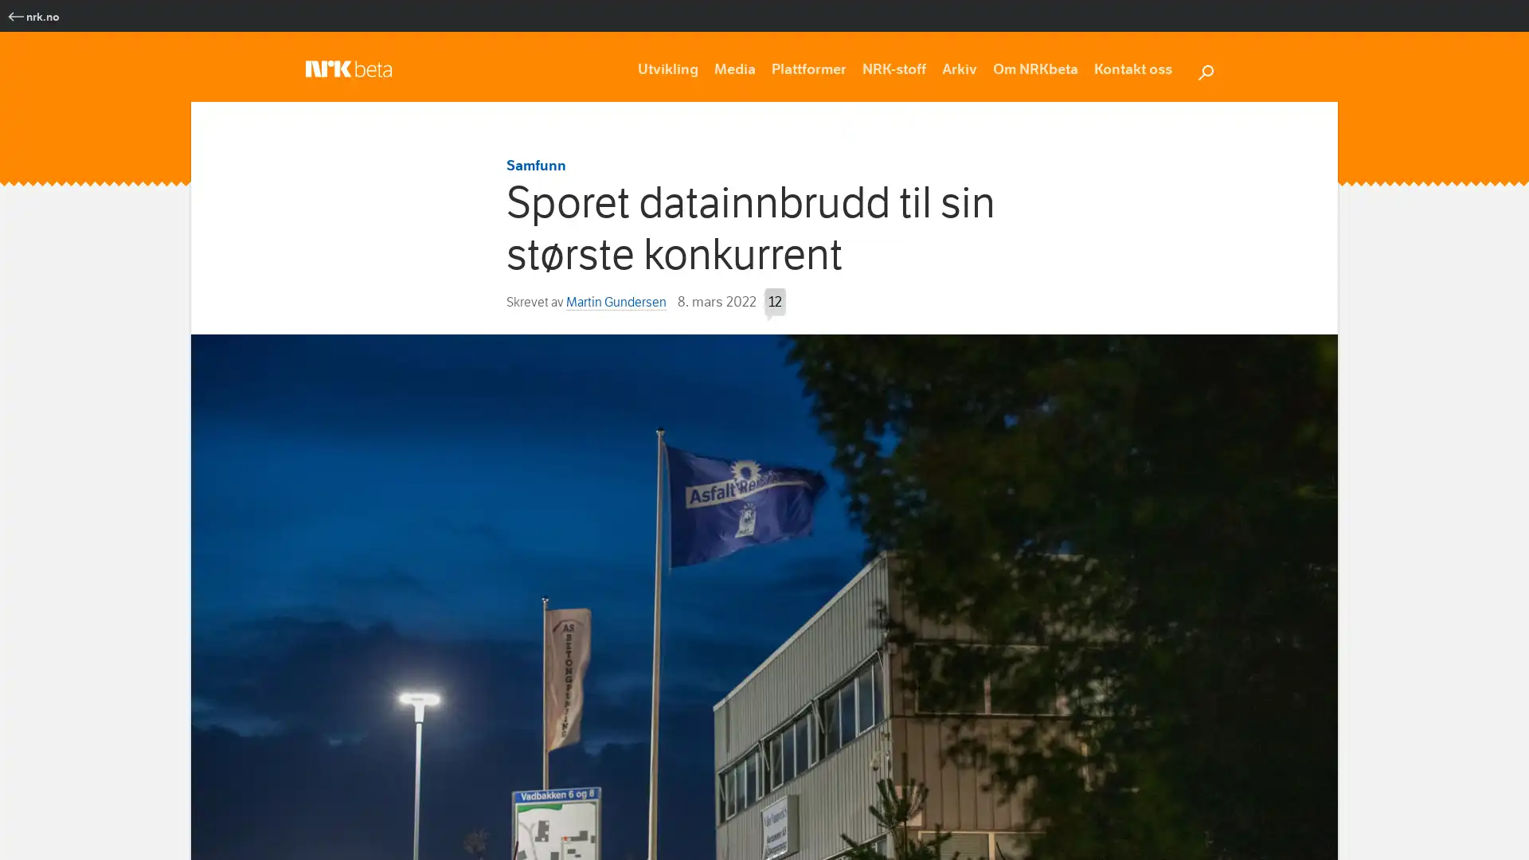 The image size is (1529, 860). I want to click on Apne sk, so click(1205, 69).